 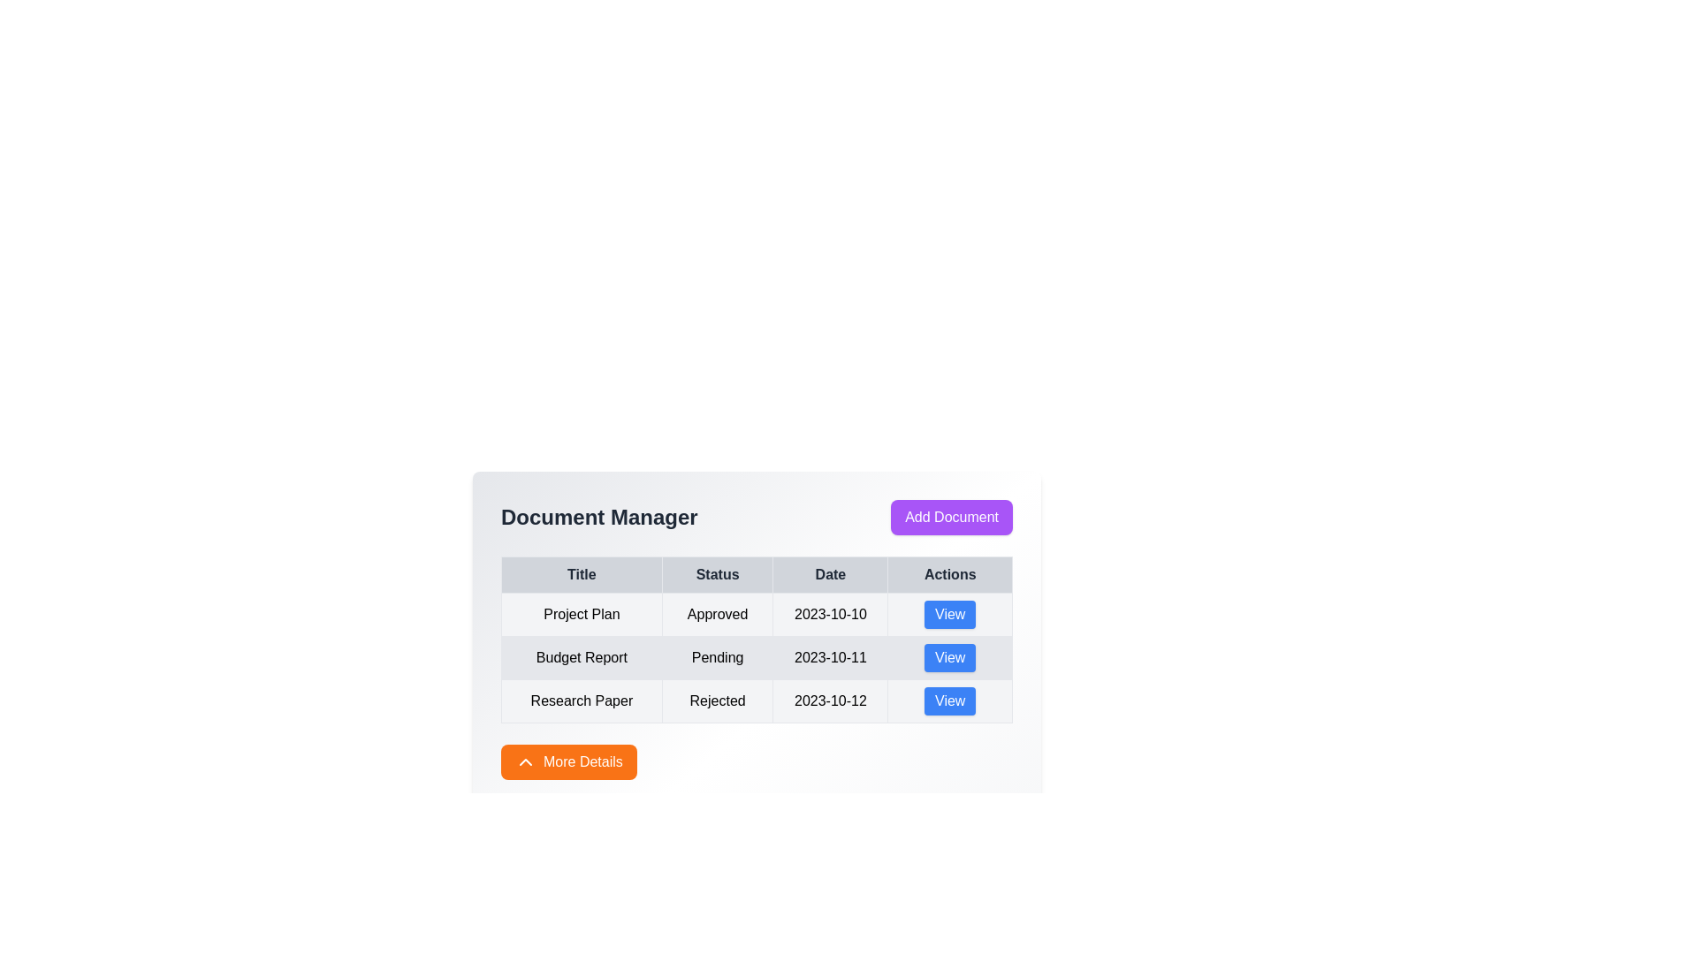 What do you see at coordinates (949, 657) in the screenshot?
I see `the button in the 'Actions' column for the 'Budget Report' entry dated '2023-10-11' to observe the hover effects` at bounding box center [949, 657].